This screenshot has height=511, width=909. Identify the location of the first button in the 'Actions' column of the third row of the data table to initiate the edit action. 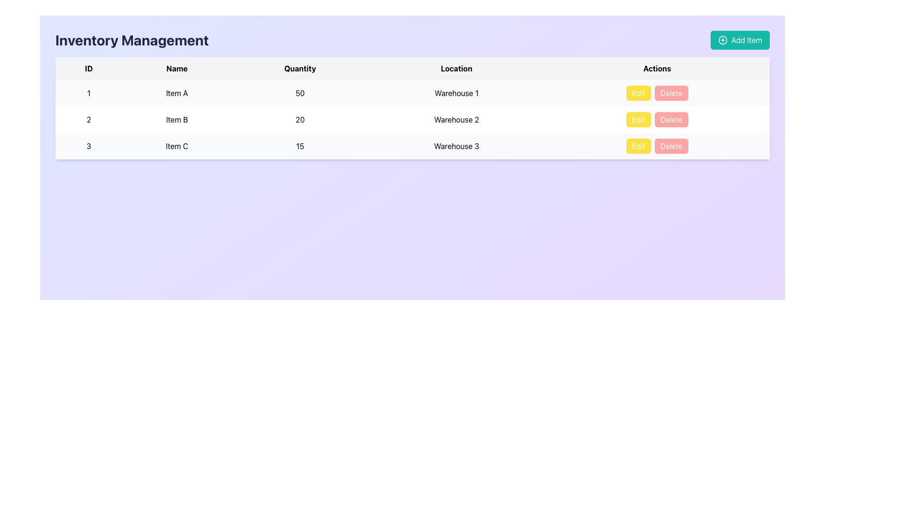
(638, 146).